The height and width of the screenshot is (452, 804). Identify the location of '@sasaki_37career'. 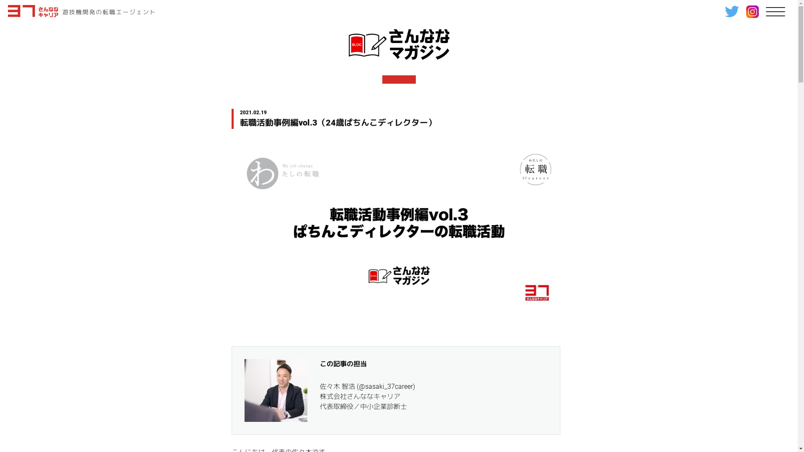
(385, 386).